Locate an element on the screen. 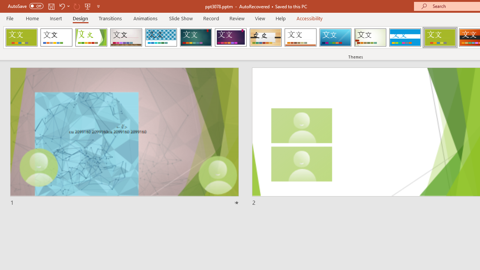 The width and height of the screenshot is (480, 270). 'Retrospect' is located at coordinates (300, 37).